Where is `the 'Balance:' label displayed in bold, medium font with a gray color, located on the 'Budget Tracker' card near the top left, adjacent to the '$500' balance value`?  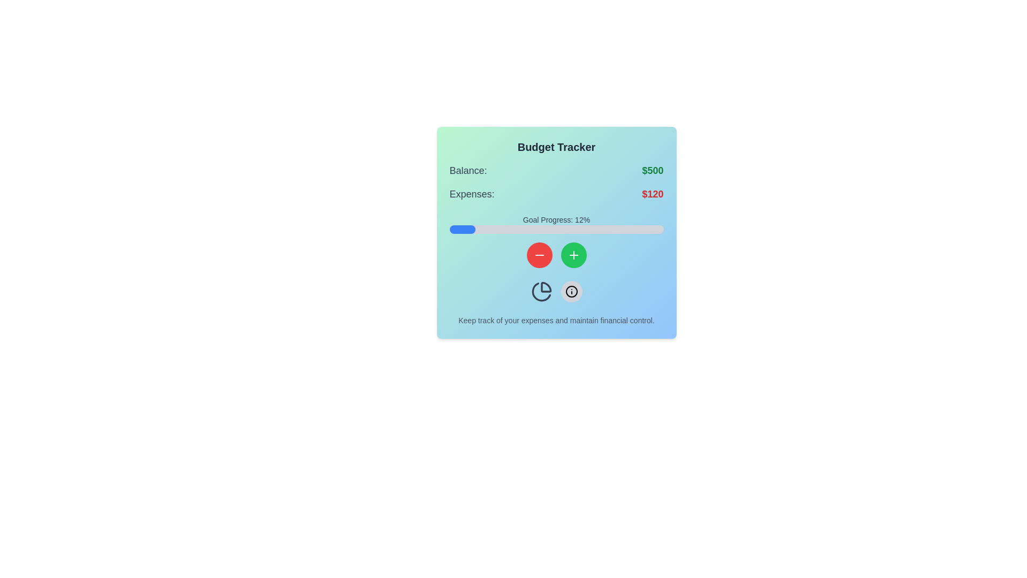
the 'Balance:' label displayed in bold, medium font with a gray color, located on the 'Budget Tracker' card near the top left, adjacent to the '$500' balance value is located at coordinates (468, 170).